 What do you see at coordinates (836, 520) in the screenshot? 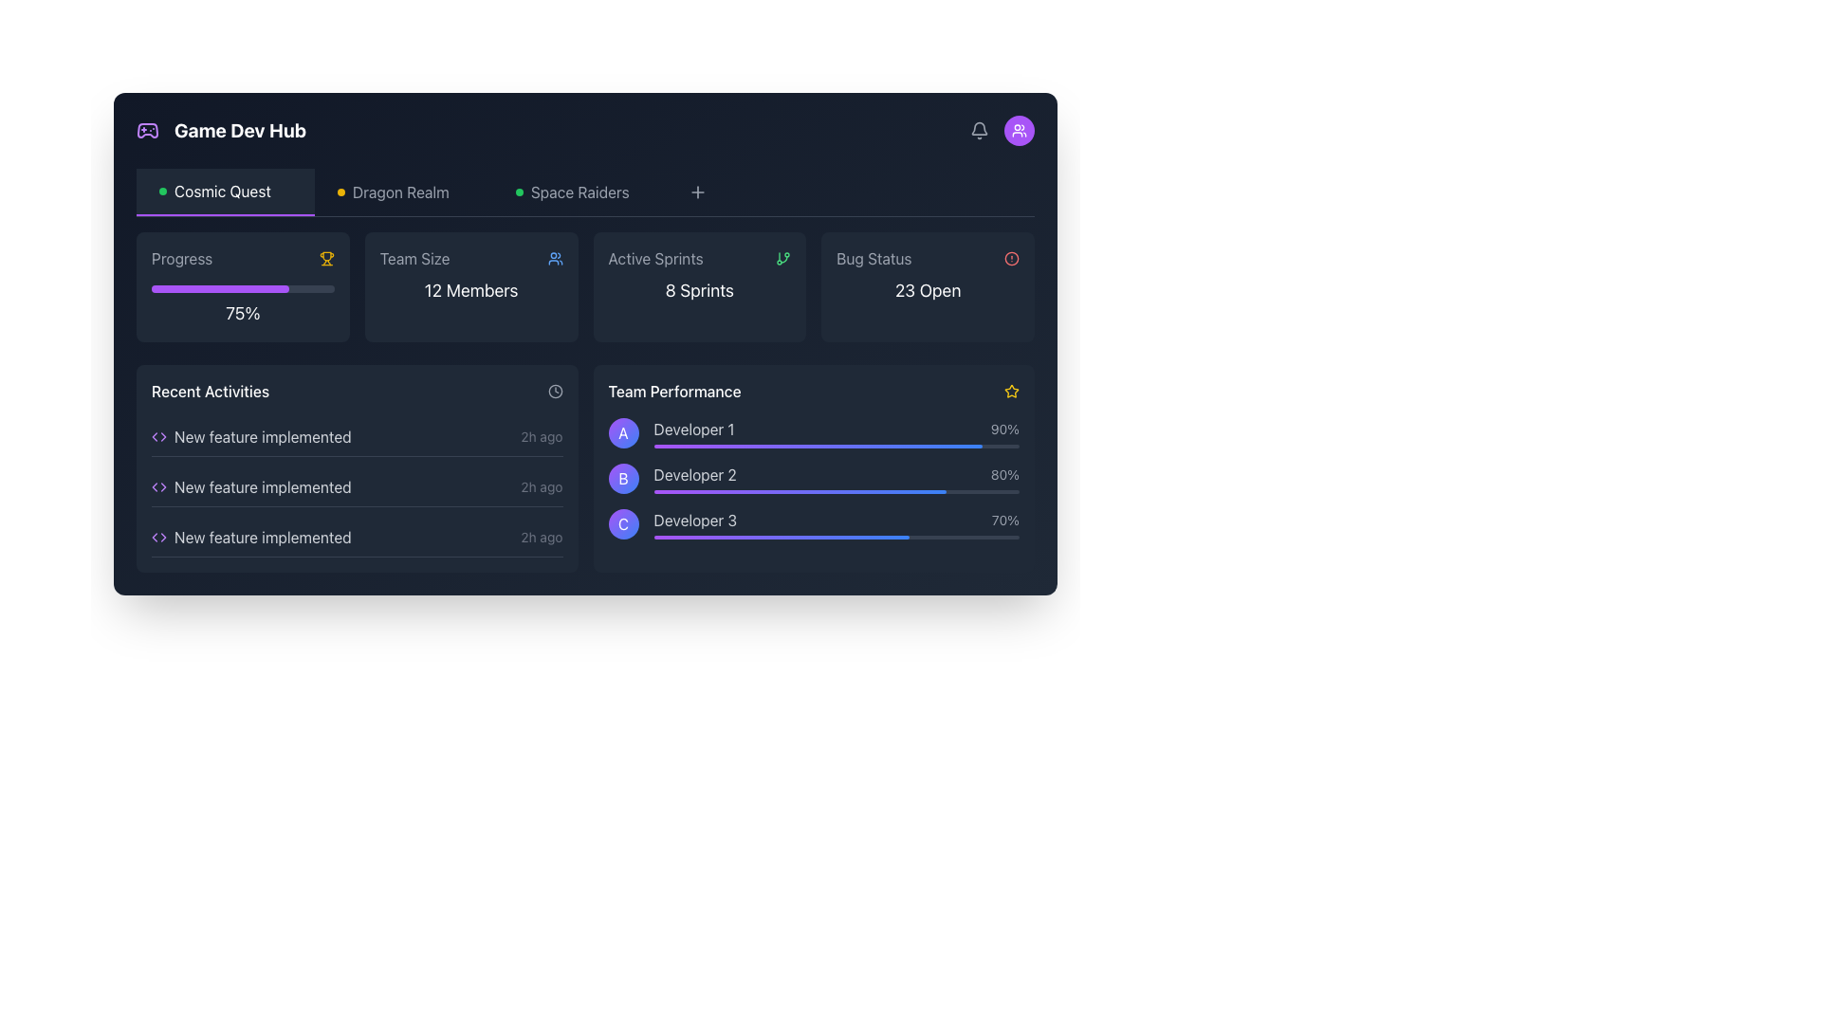
I see `the progress indicator for 'Developer 3', which displays a progress percentage of '70%' in the 'Team Performance' section` at bounding box center [836, 520].